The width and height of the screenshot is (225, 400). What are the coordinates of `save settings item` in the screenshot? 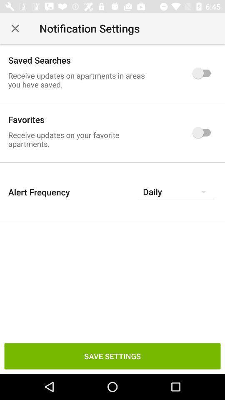 It's located at (112, 355).